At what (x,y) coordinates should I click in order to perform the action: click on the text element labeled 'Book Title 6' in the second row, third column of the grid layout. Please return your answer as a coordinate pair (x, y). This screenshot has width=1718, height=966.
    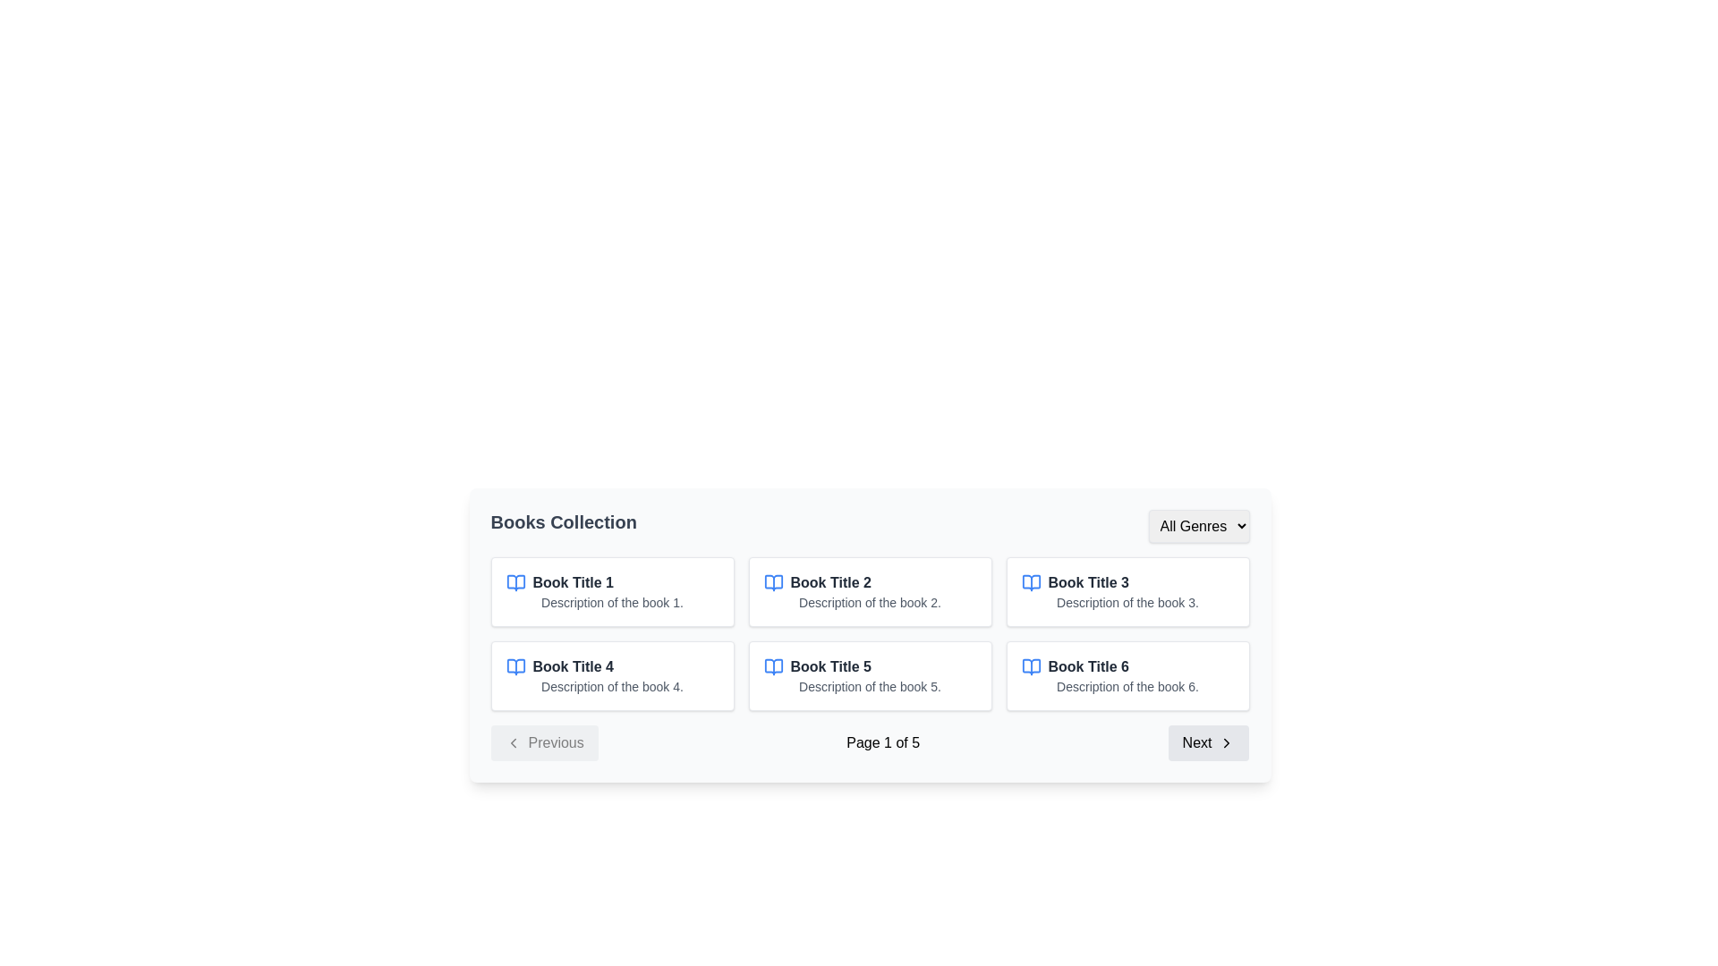
    Looking at the image, I should click on (1127, 666).